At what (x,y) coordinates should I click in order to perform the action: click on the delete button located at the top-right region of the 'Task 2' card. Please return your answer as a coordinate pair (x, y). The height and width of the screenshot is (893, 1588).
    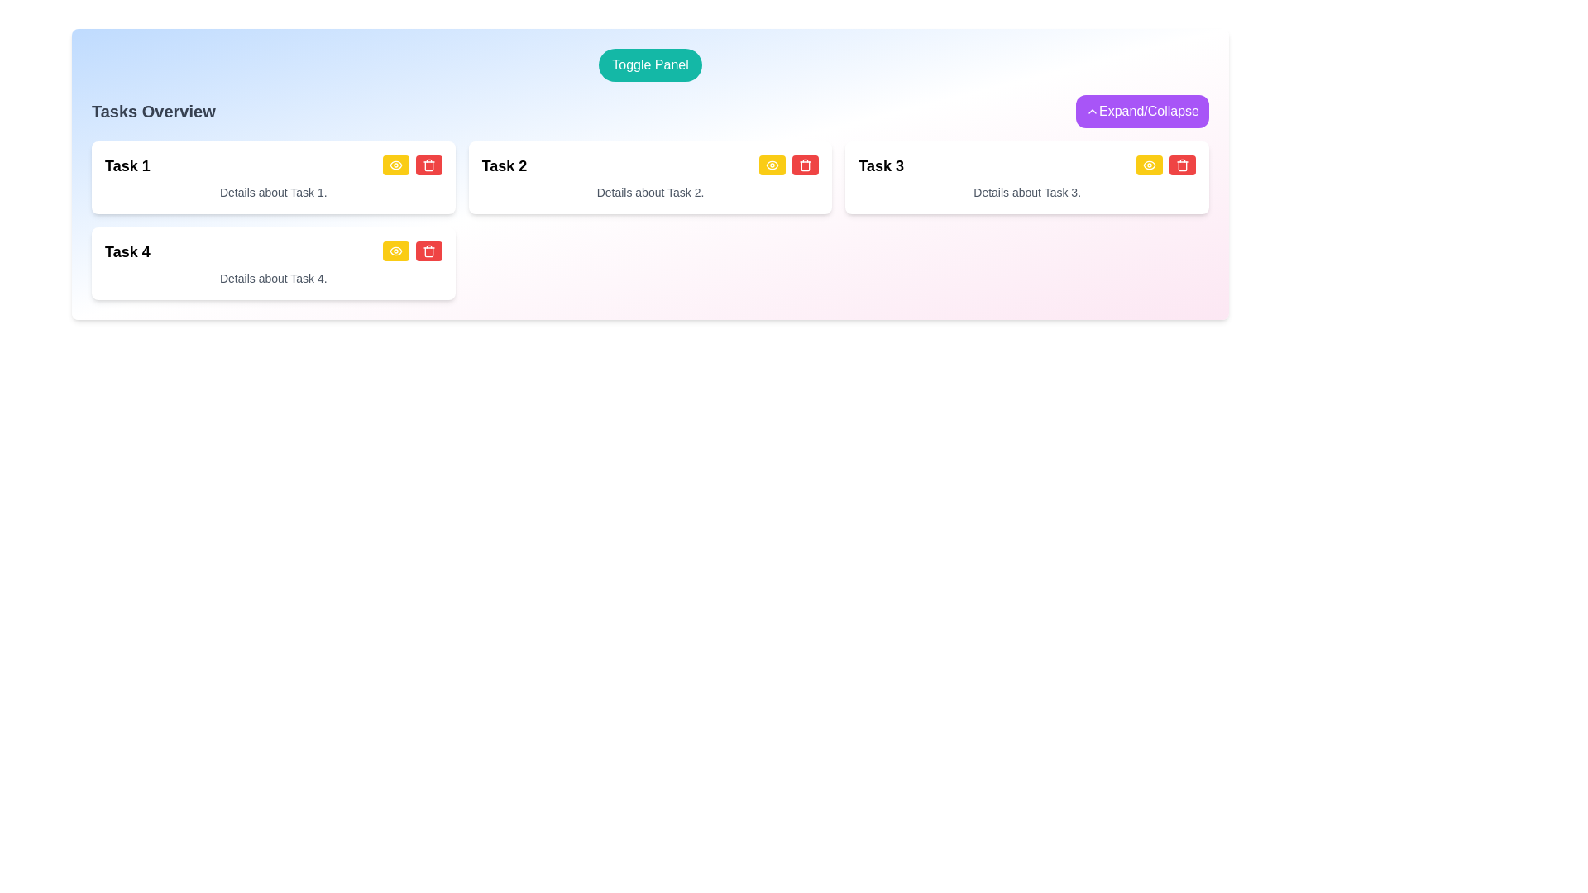
    Looking at the image, I should click on (806, 165).